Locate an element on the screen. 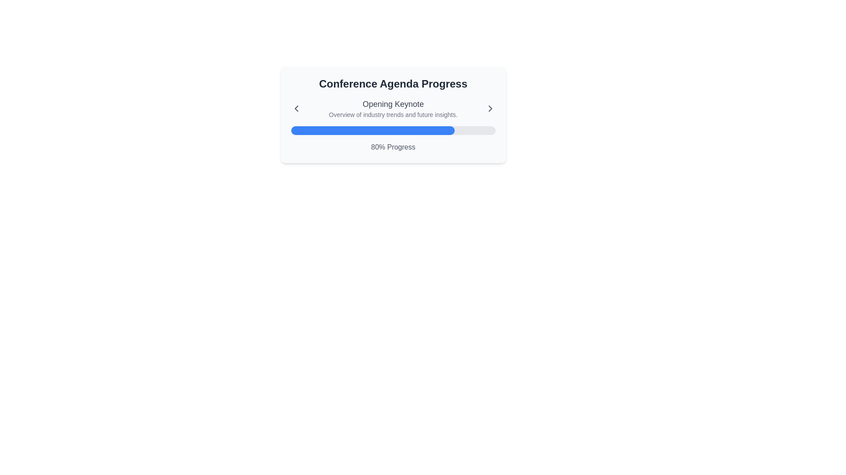 The width and height of the screenshot is (846, 475). the progress bar indicating 80% completion, which is located below the text 'Opening Keynote' and above the label '80% Progress' is located at coordinates (373, 131).